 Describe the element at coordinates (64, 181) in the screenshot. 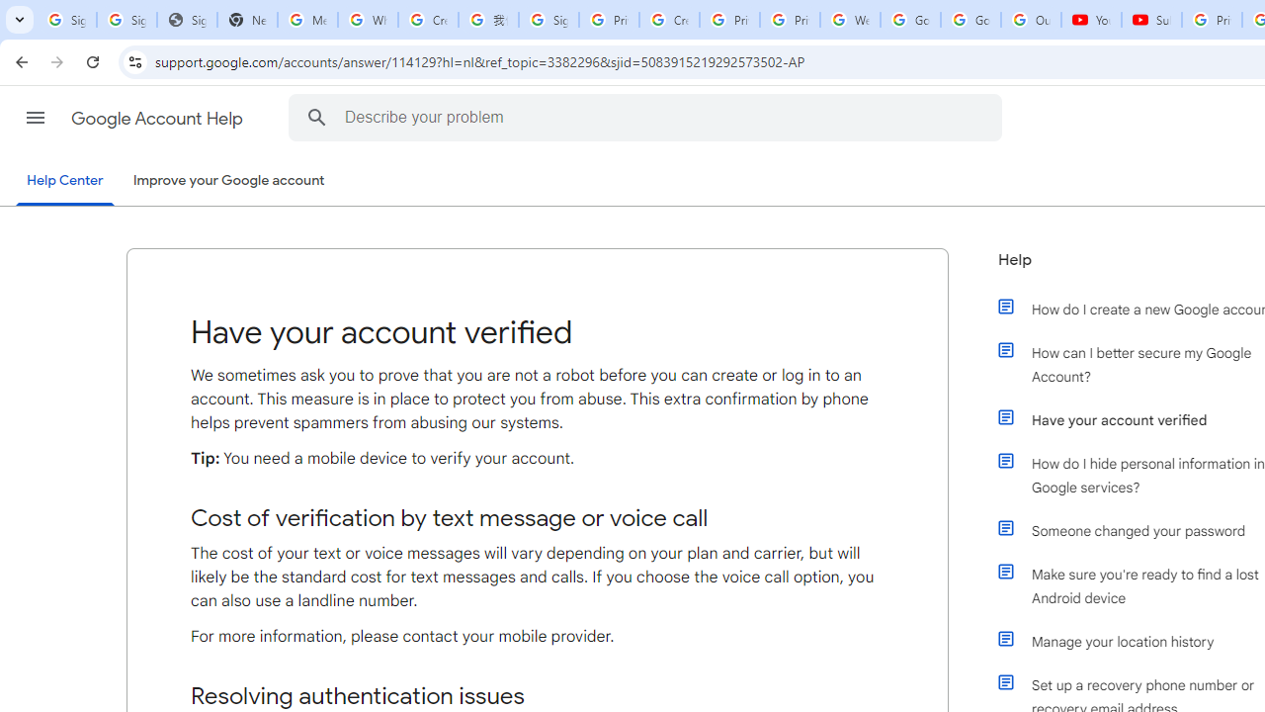

I see `'Help Center'` at that location.